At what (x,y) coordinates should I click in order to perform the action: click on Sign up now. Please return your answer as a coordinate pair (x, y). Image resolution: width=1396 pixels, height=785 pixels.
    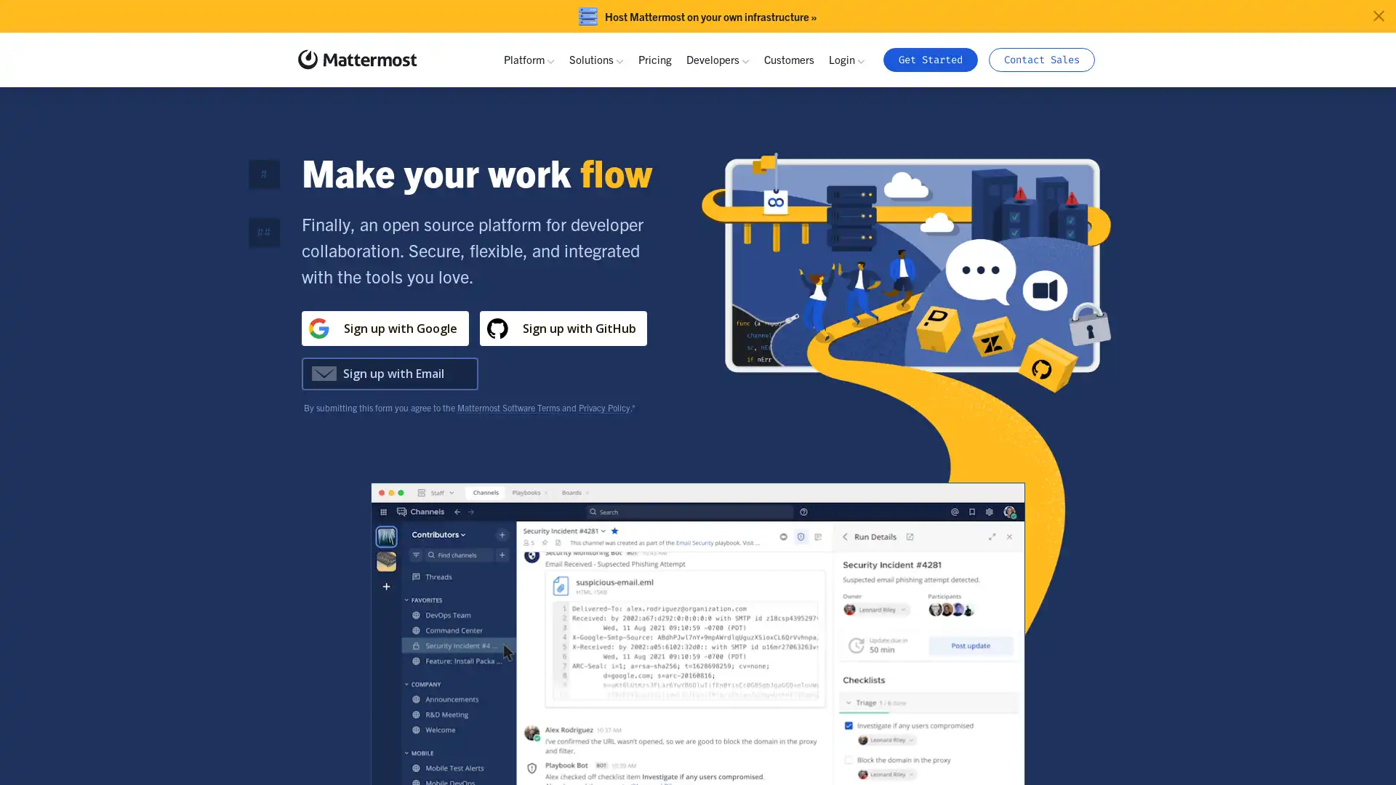
    Looking at the image, I should click on (561, 372).